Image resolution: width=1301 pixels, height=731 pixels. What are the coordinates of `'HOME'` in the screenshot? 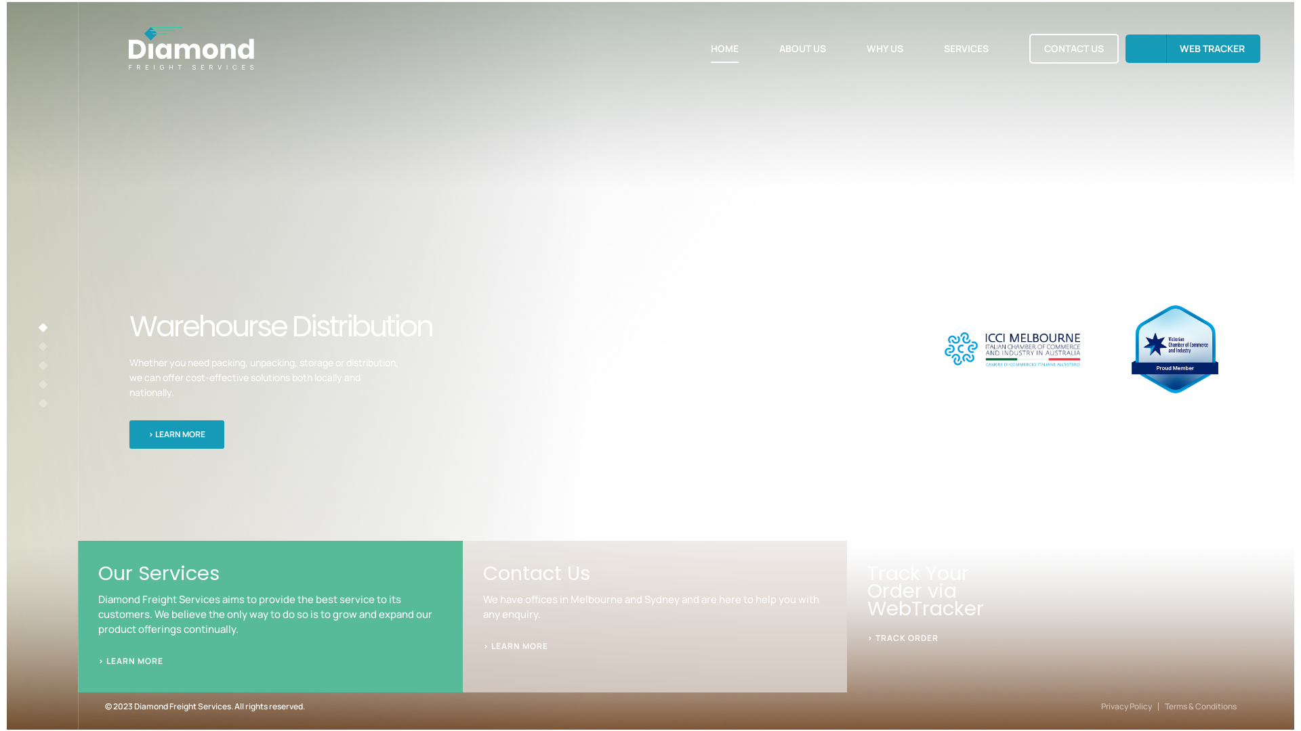 It's located at (724, 47).